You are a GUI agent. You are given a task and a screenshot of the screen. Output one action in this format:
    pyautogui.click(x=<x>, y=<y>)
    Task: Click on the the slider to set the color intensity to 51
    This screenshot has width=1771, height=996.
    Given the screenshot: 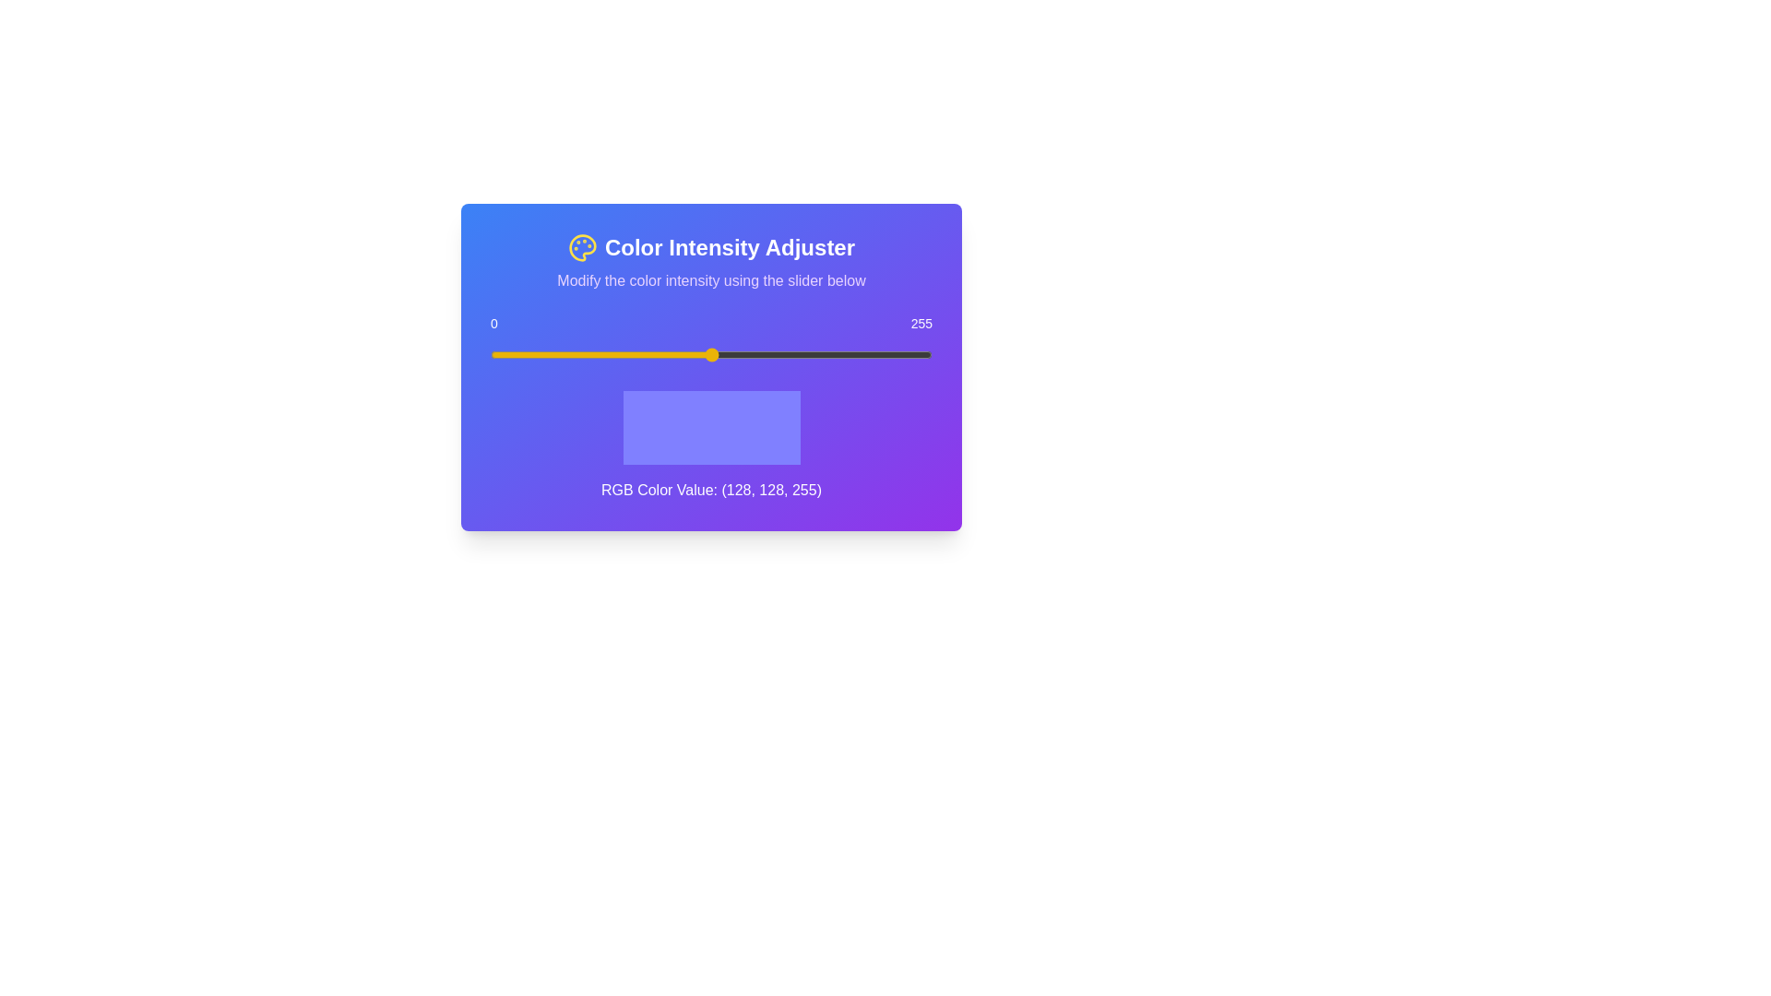 What is the action you would take?
    pyautogui.click(x=577, y=355)
    